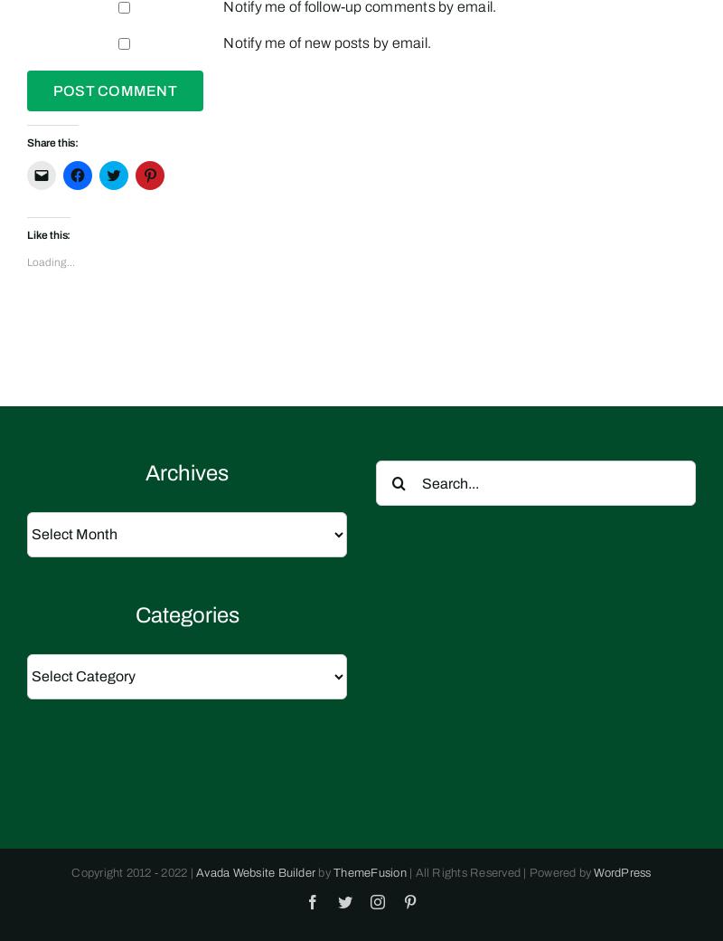 The width and height of the screenshot is (723, 941). I want to click on 'Share this:', so click(27, 142).